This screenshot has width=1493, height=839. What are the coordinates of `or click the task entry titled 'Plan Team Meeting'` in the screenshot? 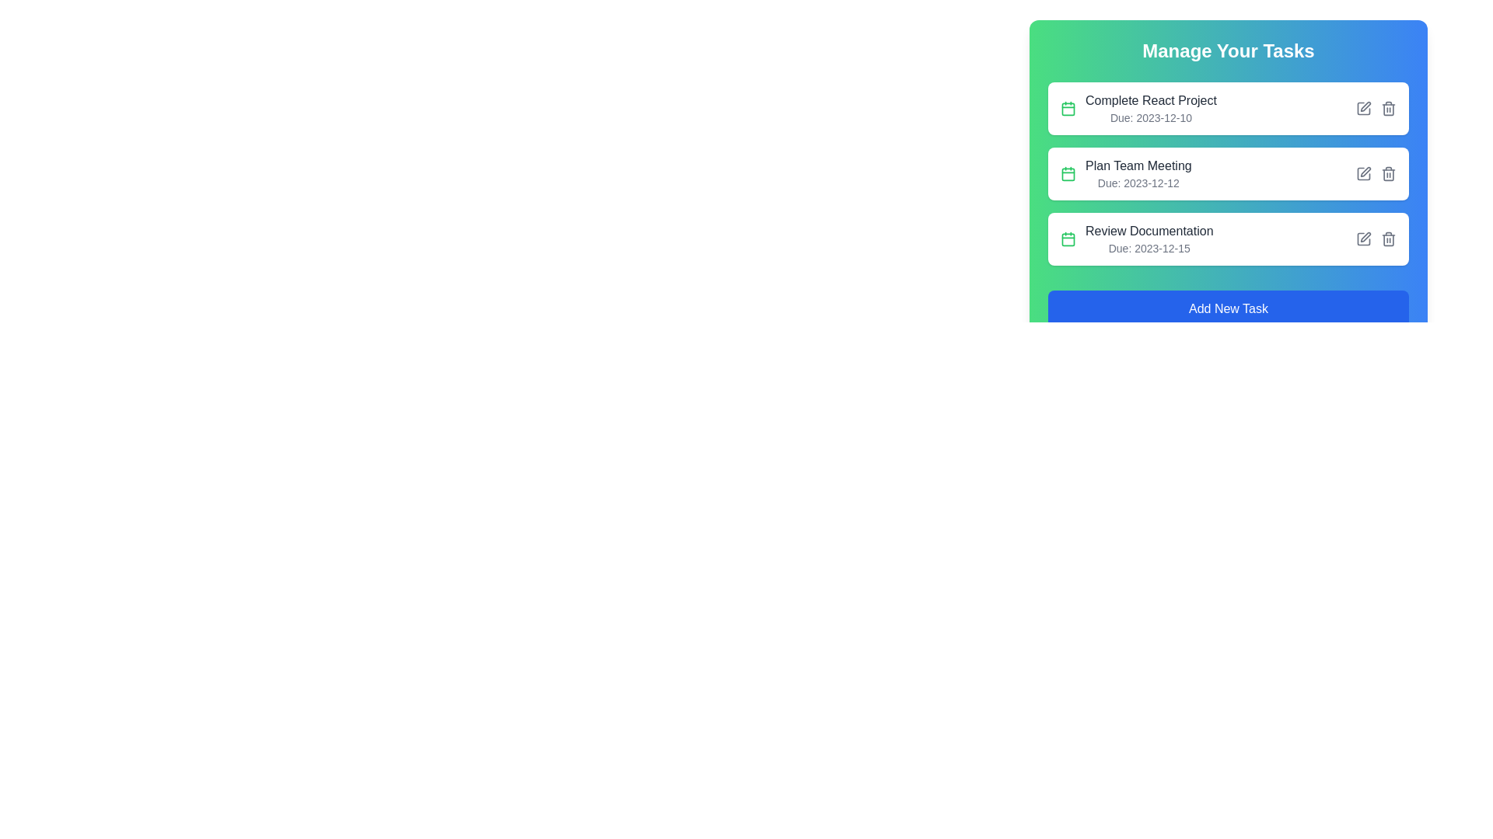 It's located at (1138, 173).